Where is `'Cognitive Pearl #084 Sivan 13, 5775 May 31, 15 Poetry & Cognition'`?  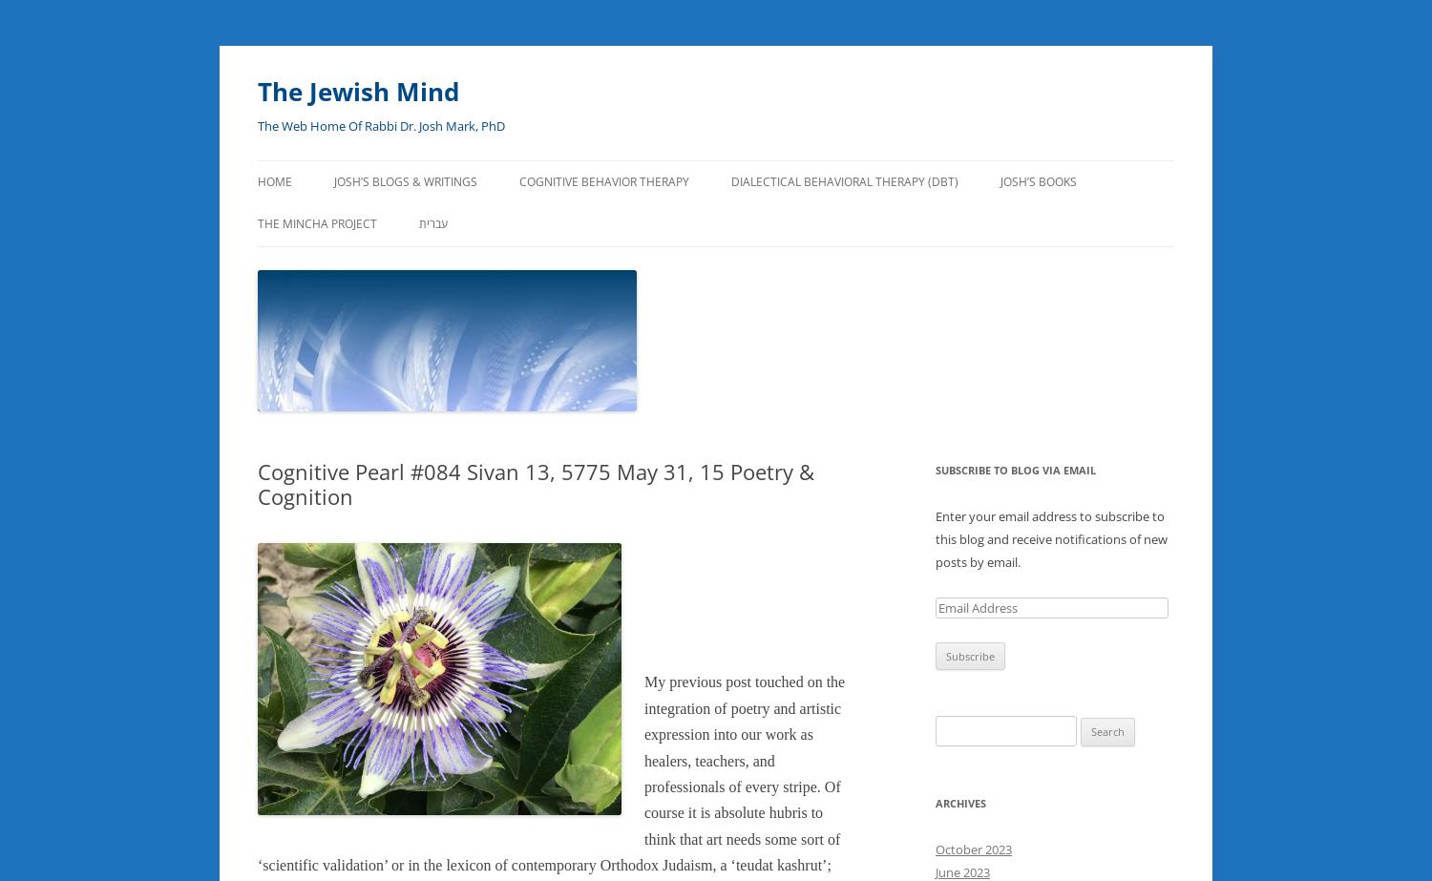 'Cognitive Pearl #084 Sivan 13, 5775 May 31, 15 Poetry & Cognition' is located at coordinates (536, 481).